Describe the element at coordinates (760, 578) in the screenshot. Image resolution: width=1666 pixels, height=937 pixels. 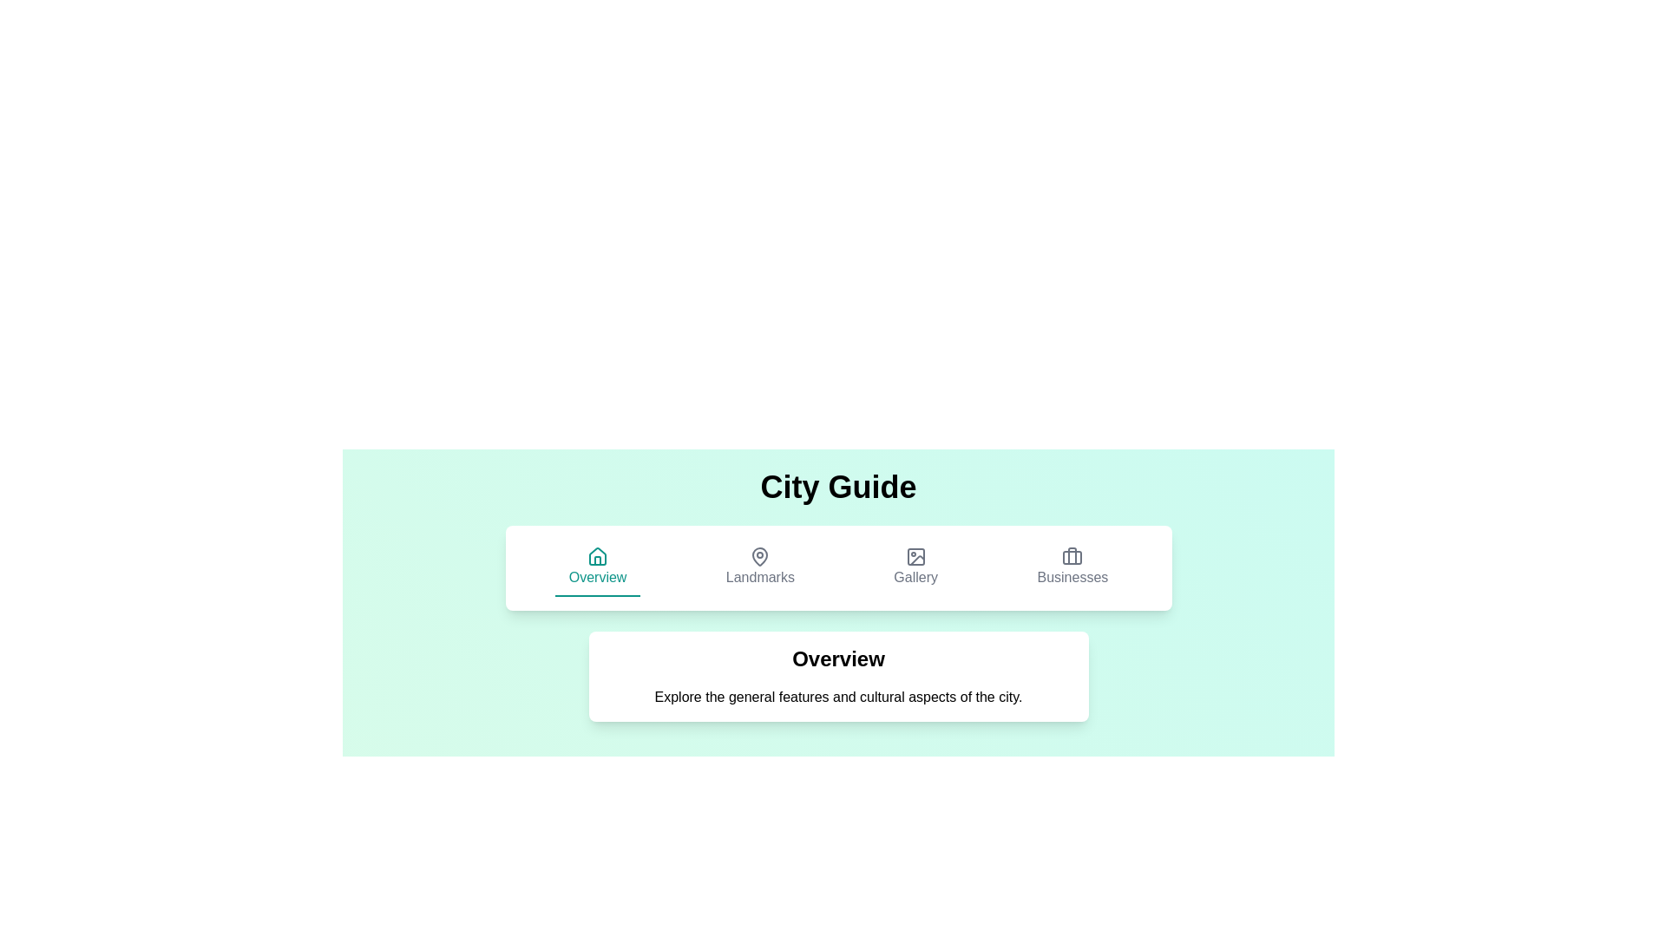
I see `the second tab from the left in the navigation bar labeled 'City Guide' which serves as a label for features related to landmarks` at that location.